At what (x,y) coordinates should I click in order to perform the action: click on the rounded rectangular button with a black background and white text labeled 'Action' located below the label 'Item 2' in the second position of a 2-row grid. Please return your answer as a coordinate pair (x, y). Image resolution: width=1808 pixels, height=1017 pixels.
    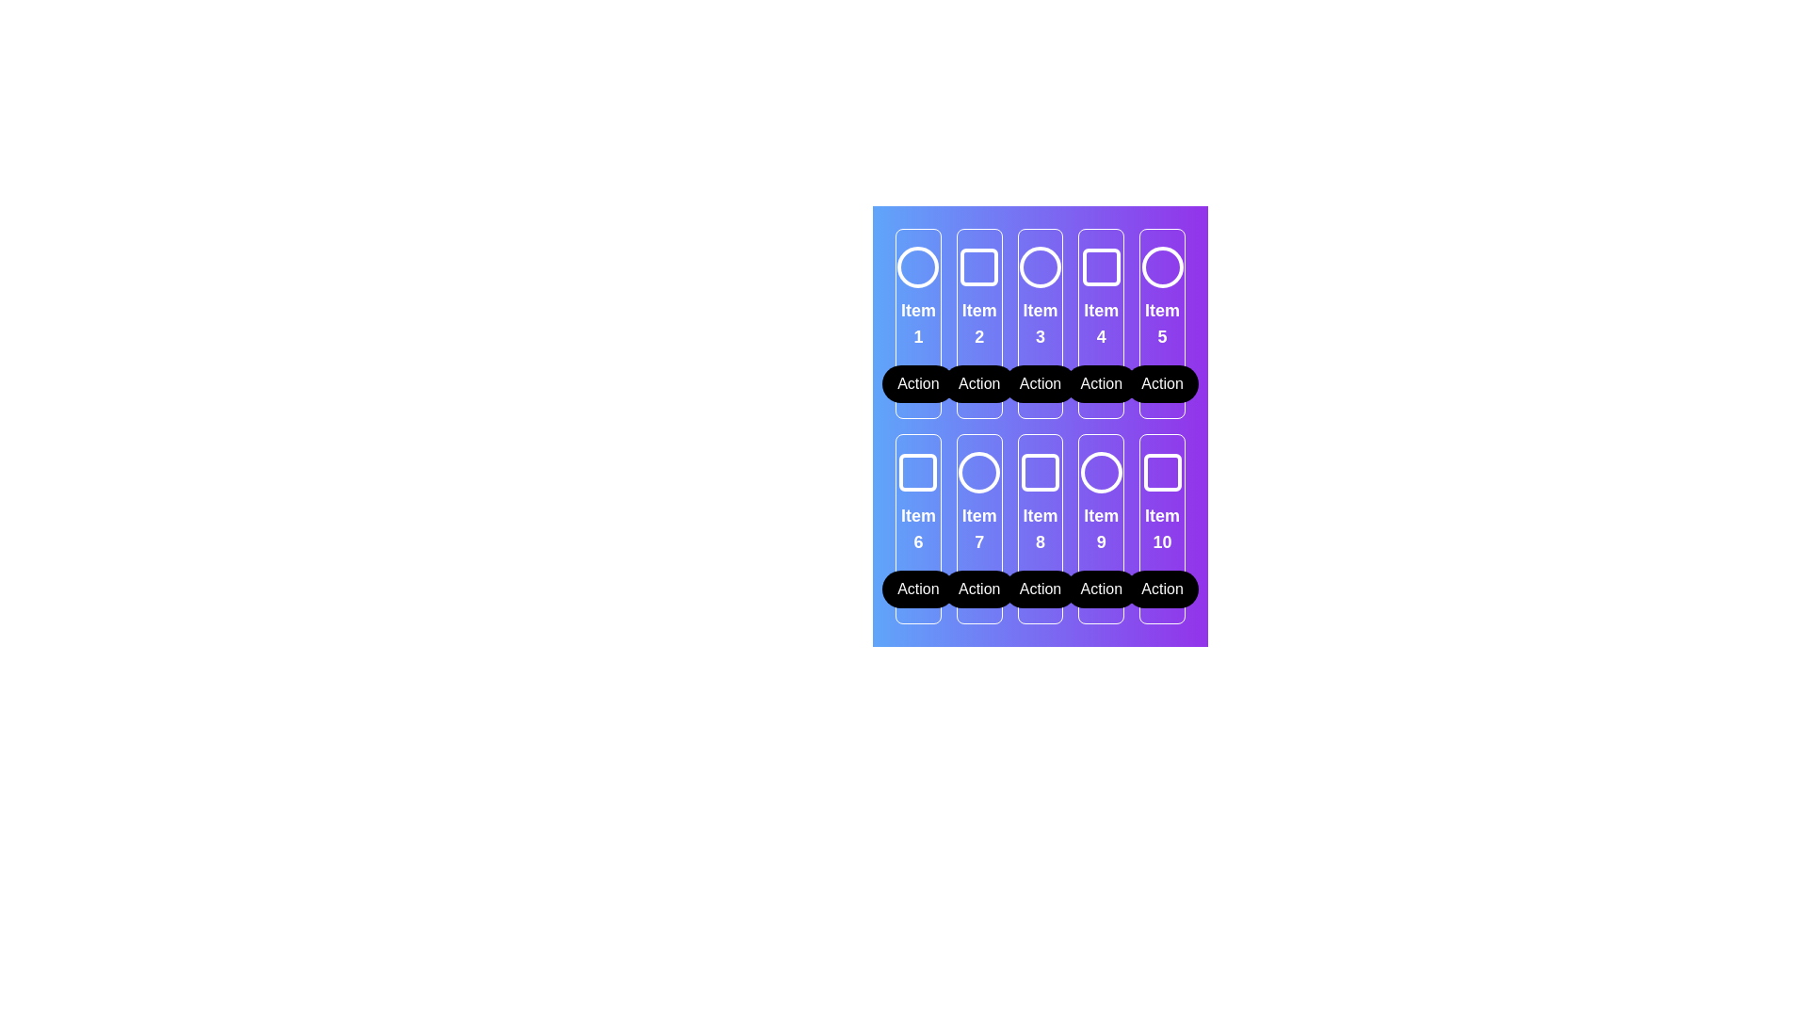
    Looking at the image, I should click on (979, 383).